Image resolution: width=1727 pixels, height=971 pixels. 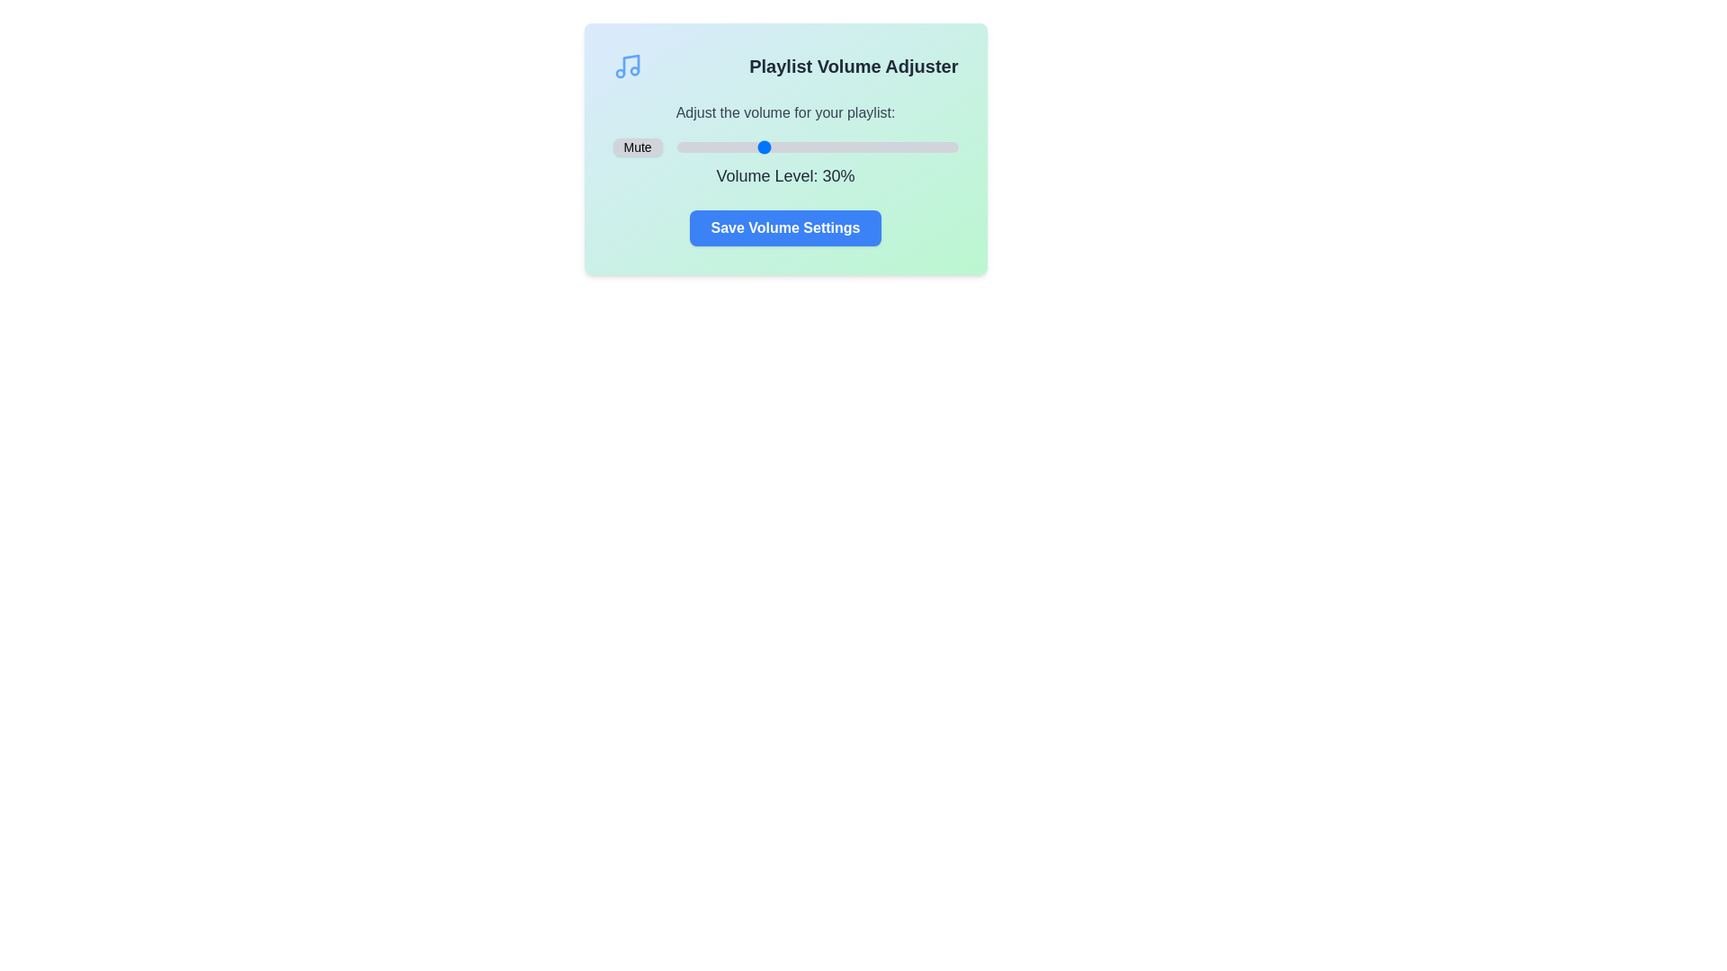 I want to click on the 'Save Volume Settings' button to save the current volume level, so click(x=785, y=227).